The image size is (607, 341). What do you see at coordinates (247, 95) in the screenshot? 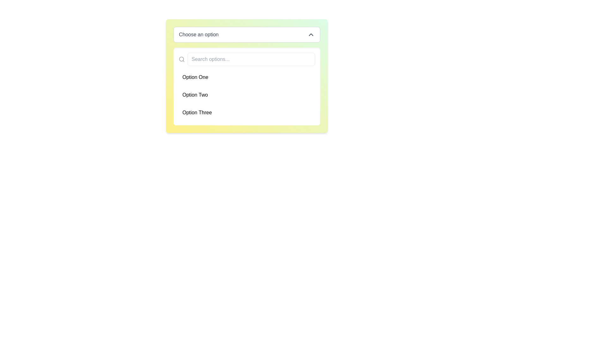
I see `the selectable menu item labeled 'Option Two', which is the second option in the dropdown menu located below 'Option One' and above 'Option Three'` at bounding box center [247, 95].